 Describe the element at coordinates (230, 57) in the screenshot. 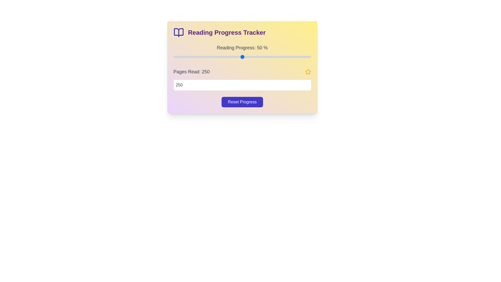

I see `the reading progress to 41% by adjusting the slider` at that location.